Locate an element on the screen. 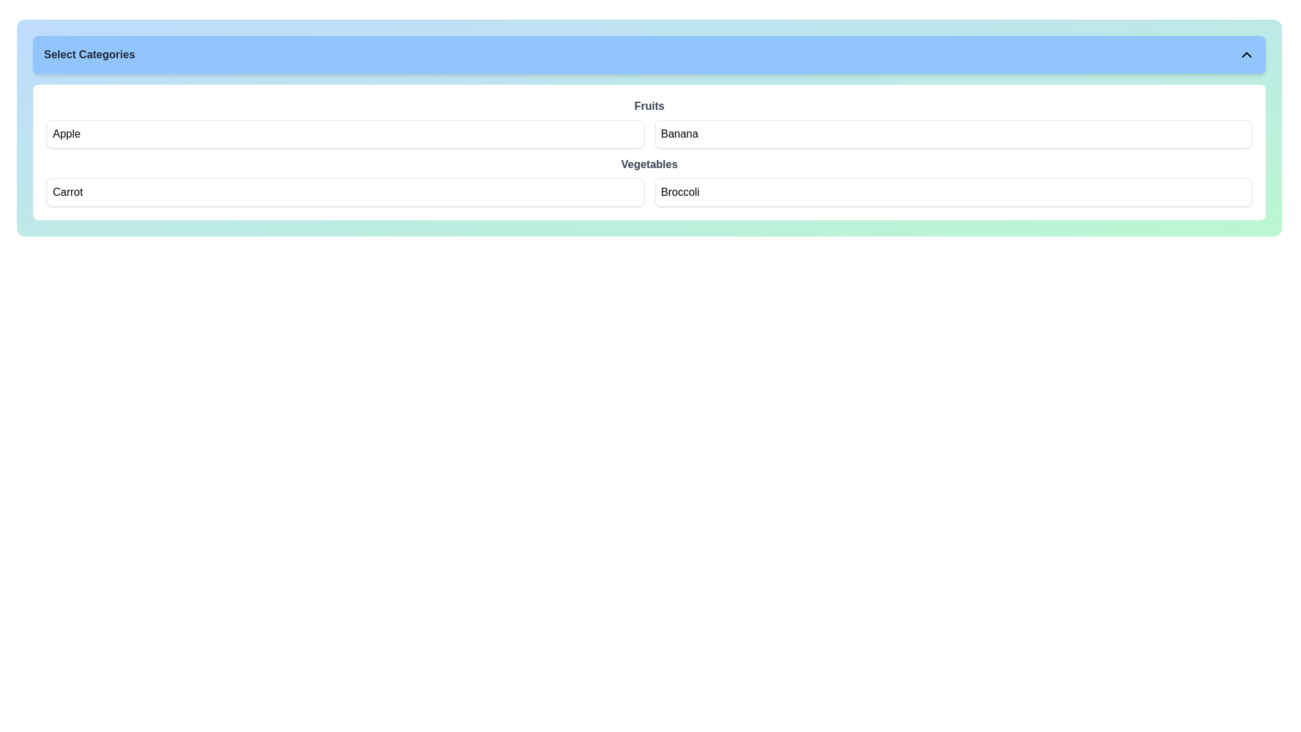 The width and height of the screenshot is (1301, 732). the text label displaying 'Carrot', which is part of the 'Vegetables' section and is located below 'Apple' is located at coordinates (67, 192).